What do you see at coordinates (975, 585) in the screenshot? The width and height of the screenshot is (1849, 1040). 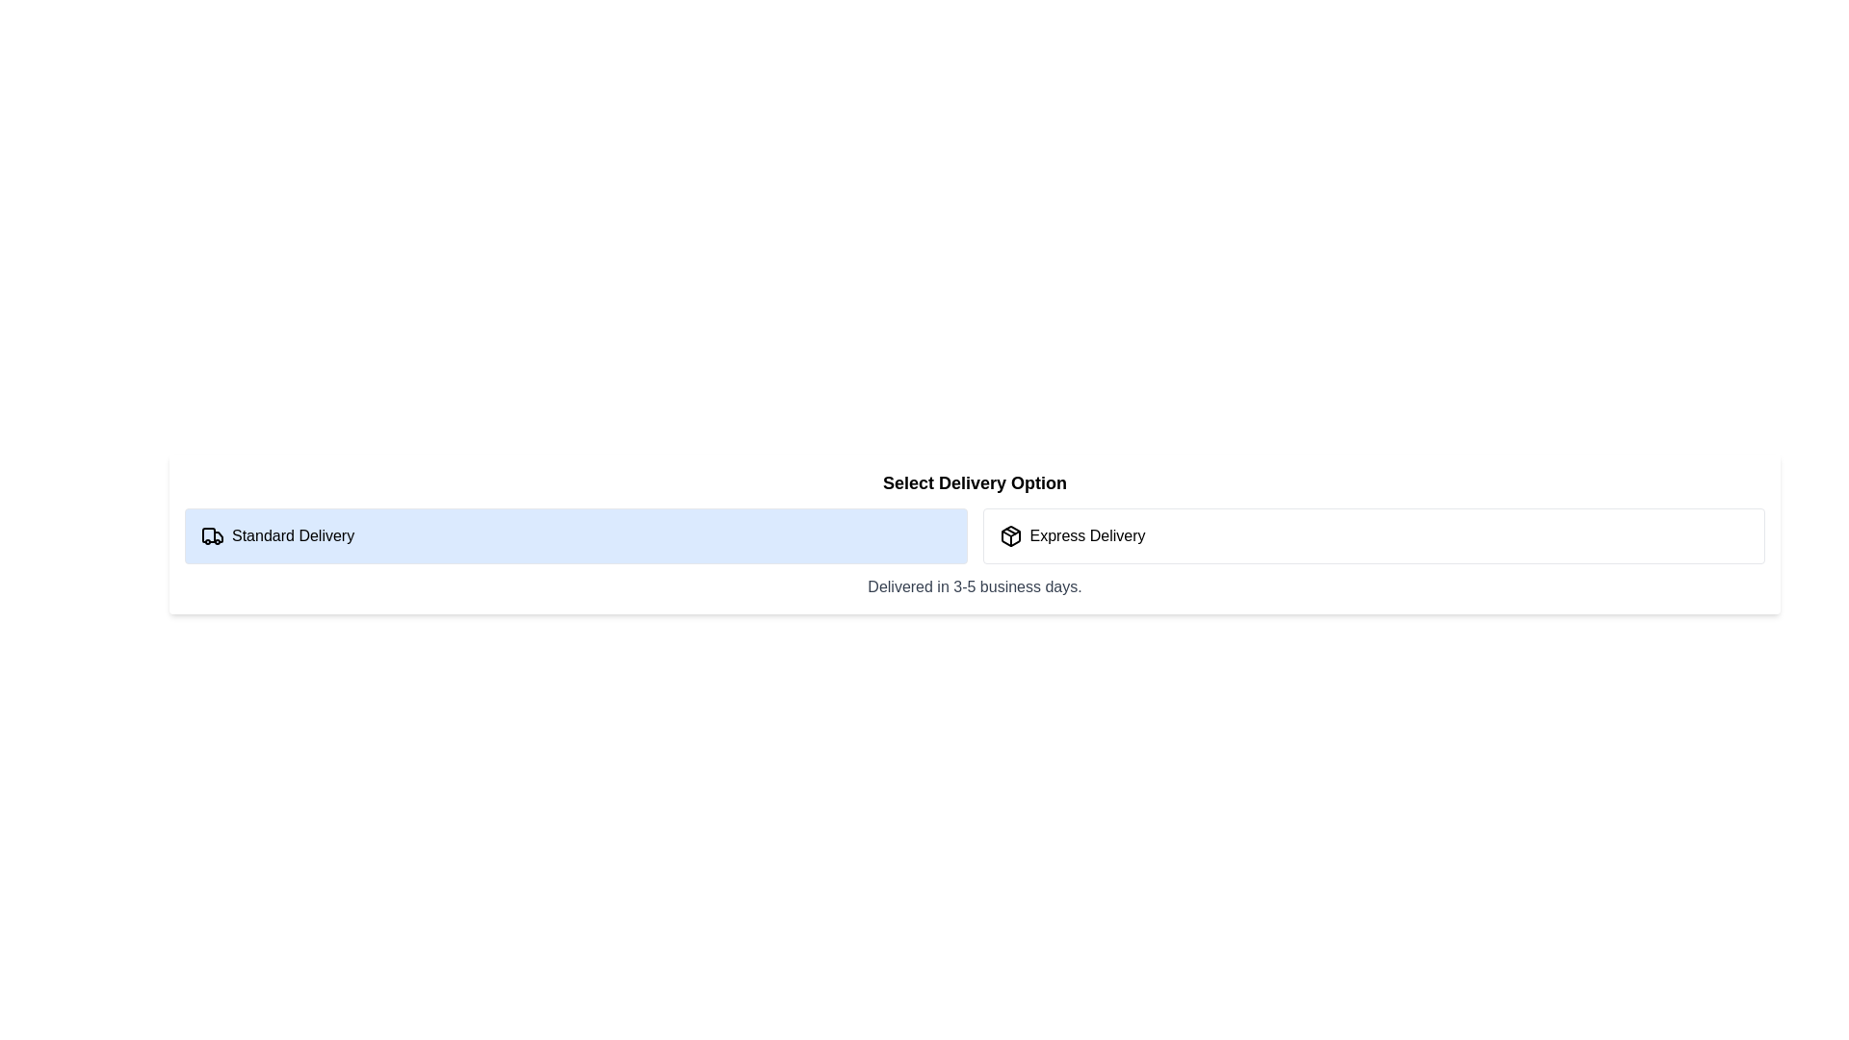 I see `the informational Text label located at the bottom of the 'Select Delivery Option' section, which provides details about the delivery timeframe` at bounding box center [975, 585].